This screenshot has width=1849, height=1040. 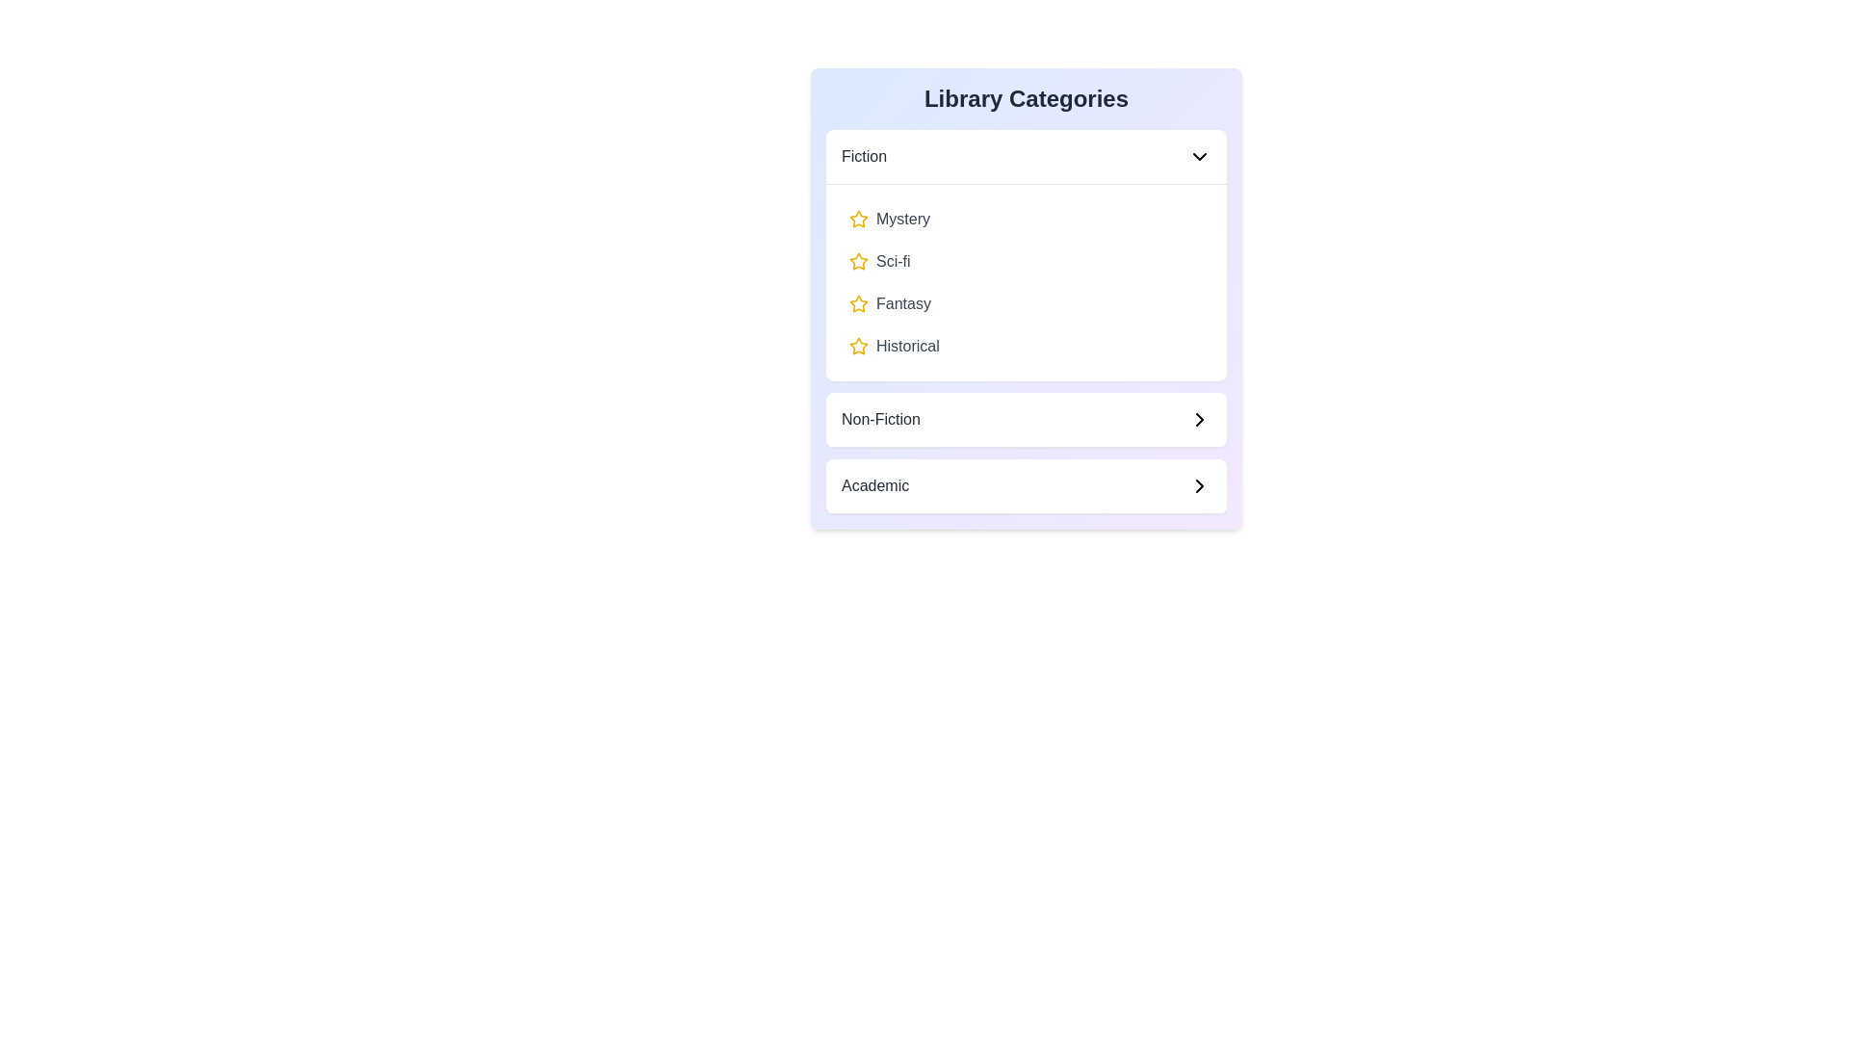 What do you see at coordinates (1025, 485) in the screenshot?
I see `the header of the category Academic to expand or collapse it` at bounding box center [1025, 485].